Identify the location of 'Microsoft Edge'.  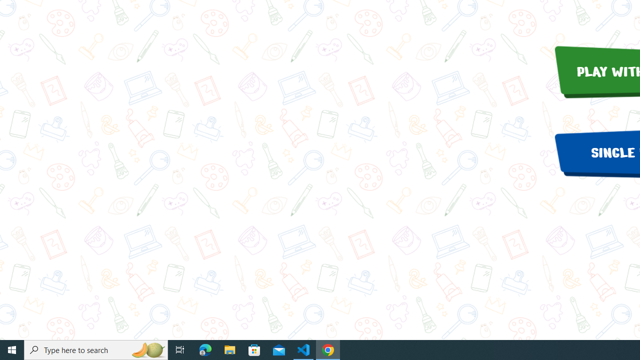
(205, 349).